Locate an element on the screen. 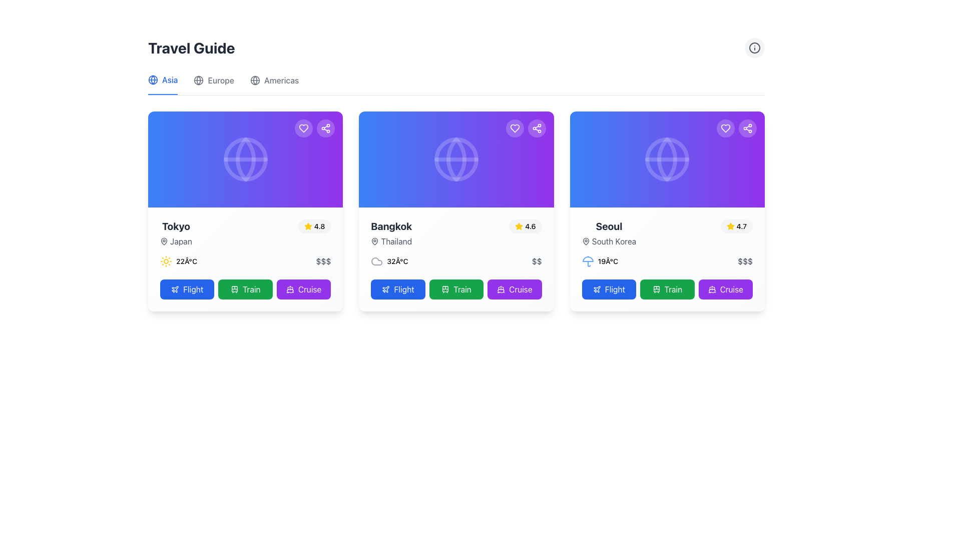  the text label indicating the country associated with the city 'Tokyo' is located at coordinates (176, 241).